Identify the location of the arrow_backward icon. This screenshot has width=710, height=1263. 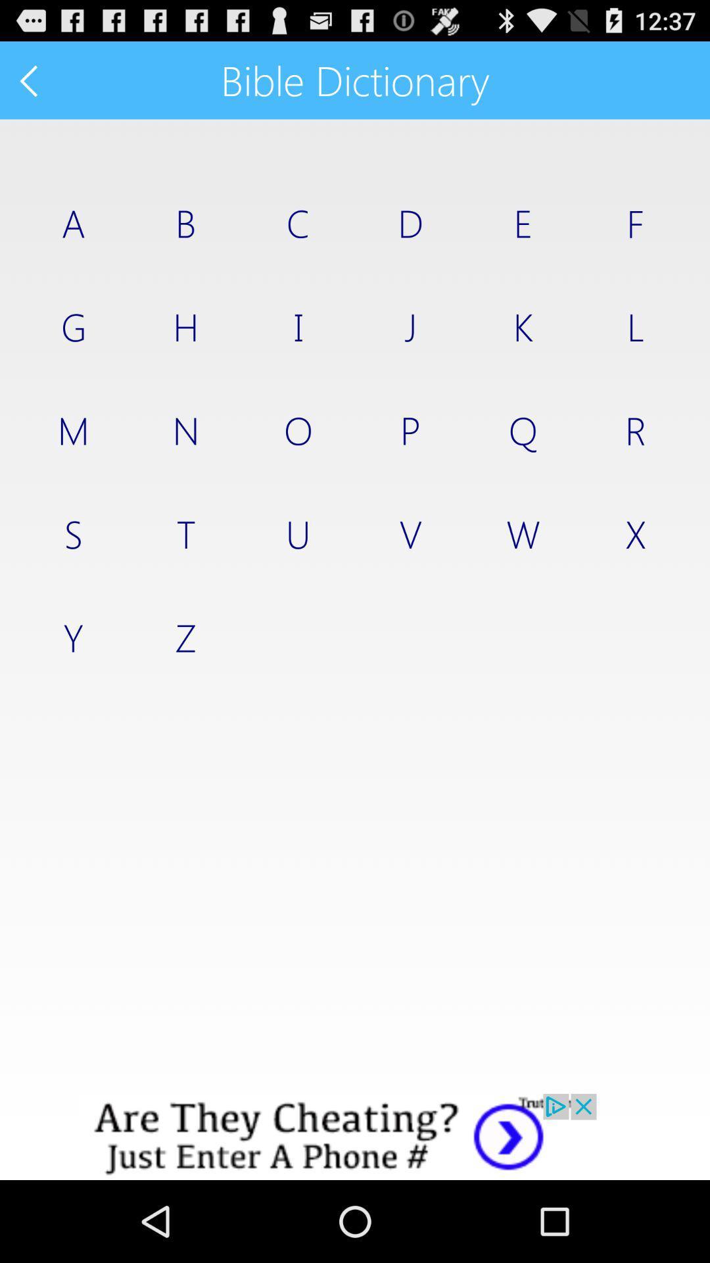
(30, 85).